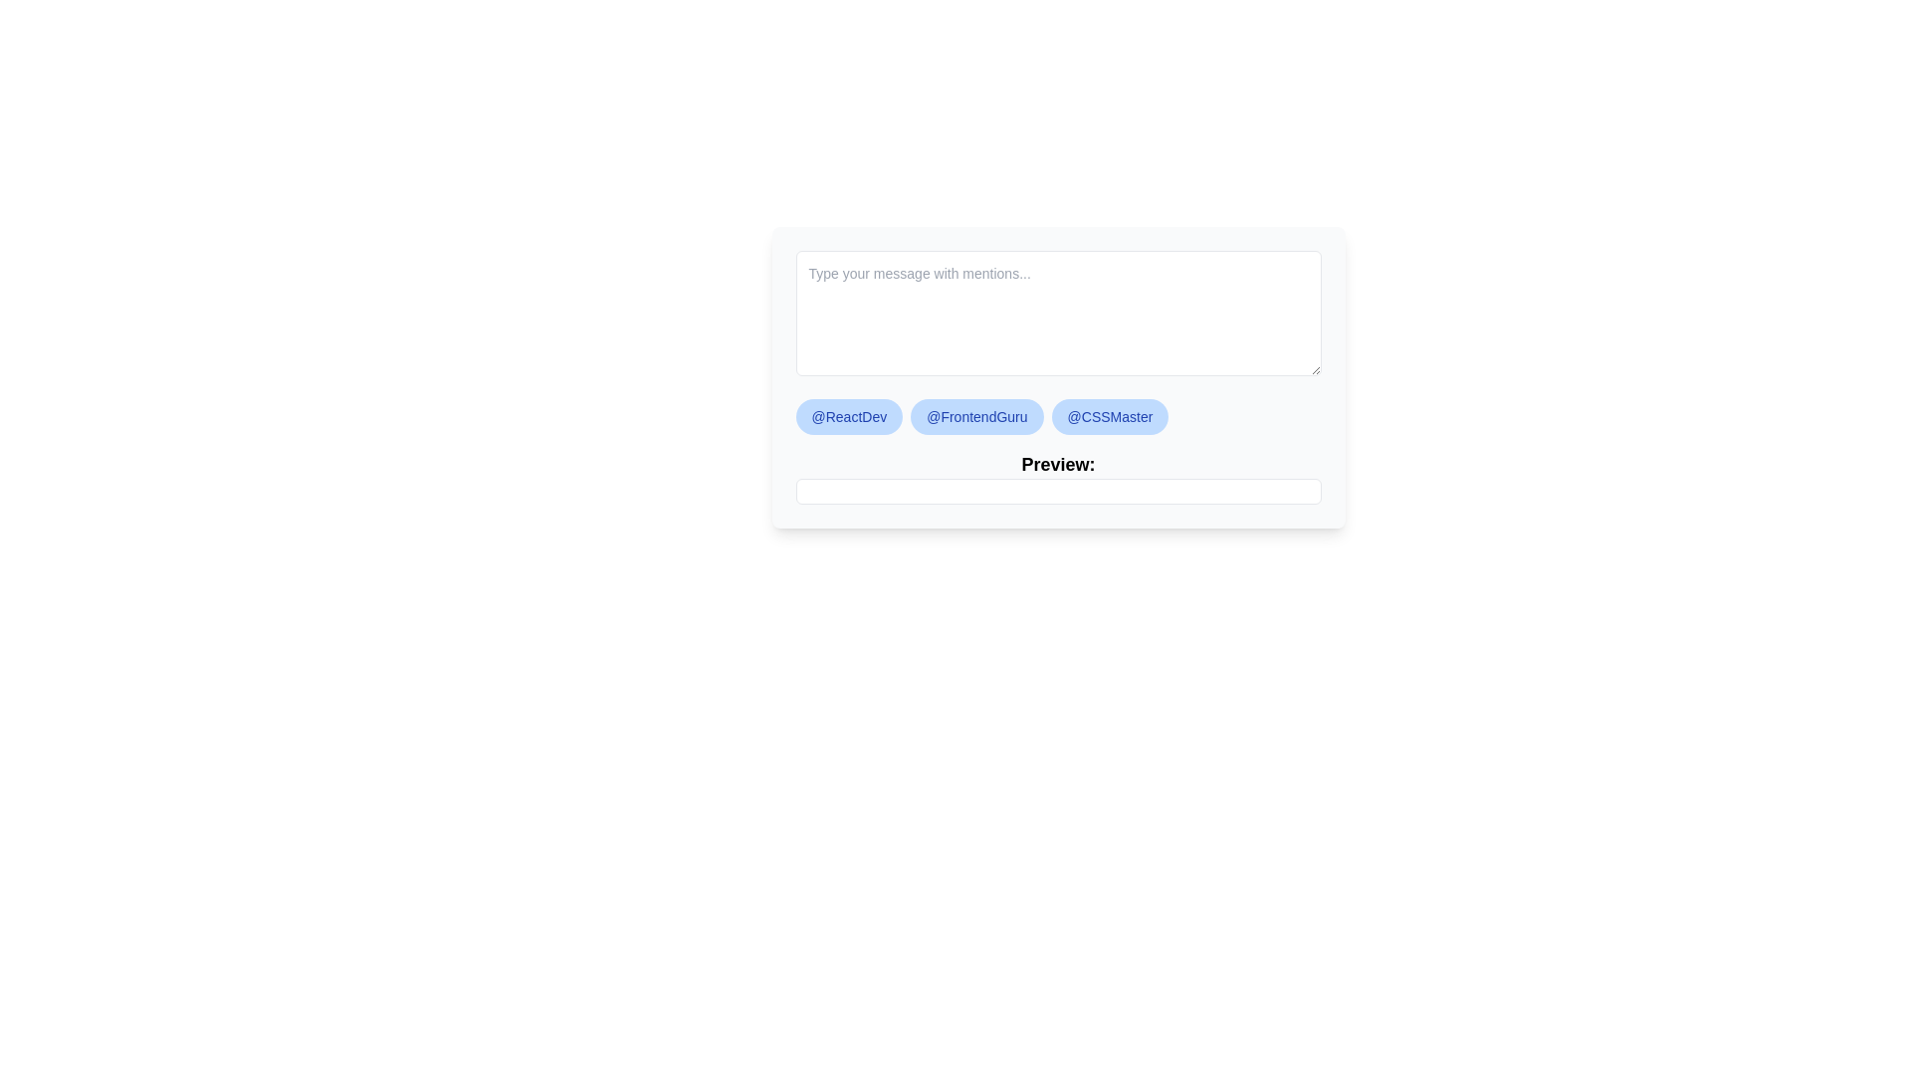 Image resolution: width=1911 pixels, height=1075 pixels. Describe the element at coordinates (1109, 416) in the screenshot. I see `the interactive badge styled as a rounded blue badge containing the text '@CSSMaster'` at that location.